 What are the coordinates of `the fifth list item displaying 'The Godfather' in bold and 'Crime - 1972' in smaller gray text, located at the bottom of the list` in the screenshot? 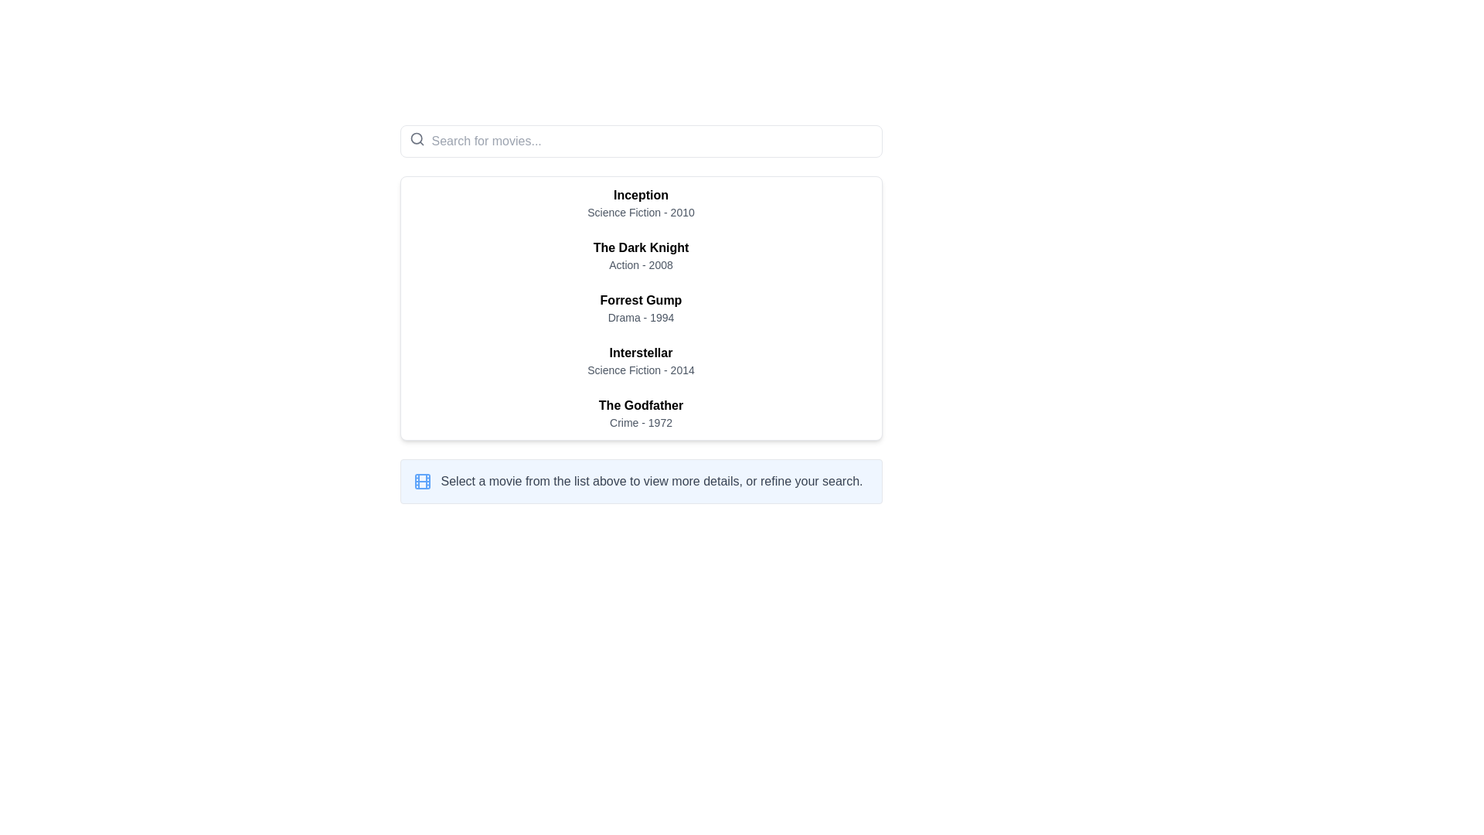 It's located at (641, 413).